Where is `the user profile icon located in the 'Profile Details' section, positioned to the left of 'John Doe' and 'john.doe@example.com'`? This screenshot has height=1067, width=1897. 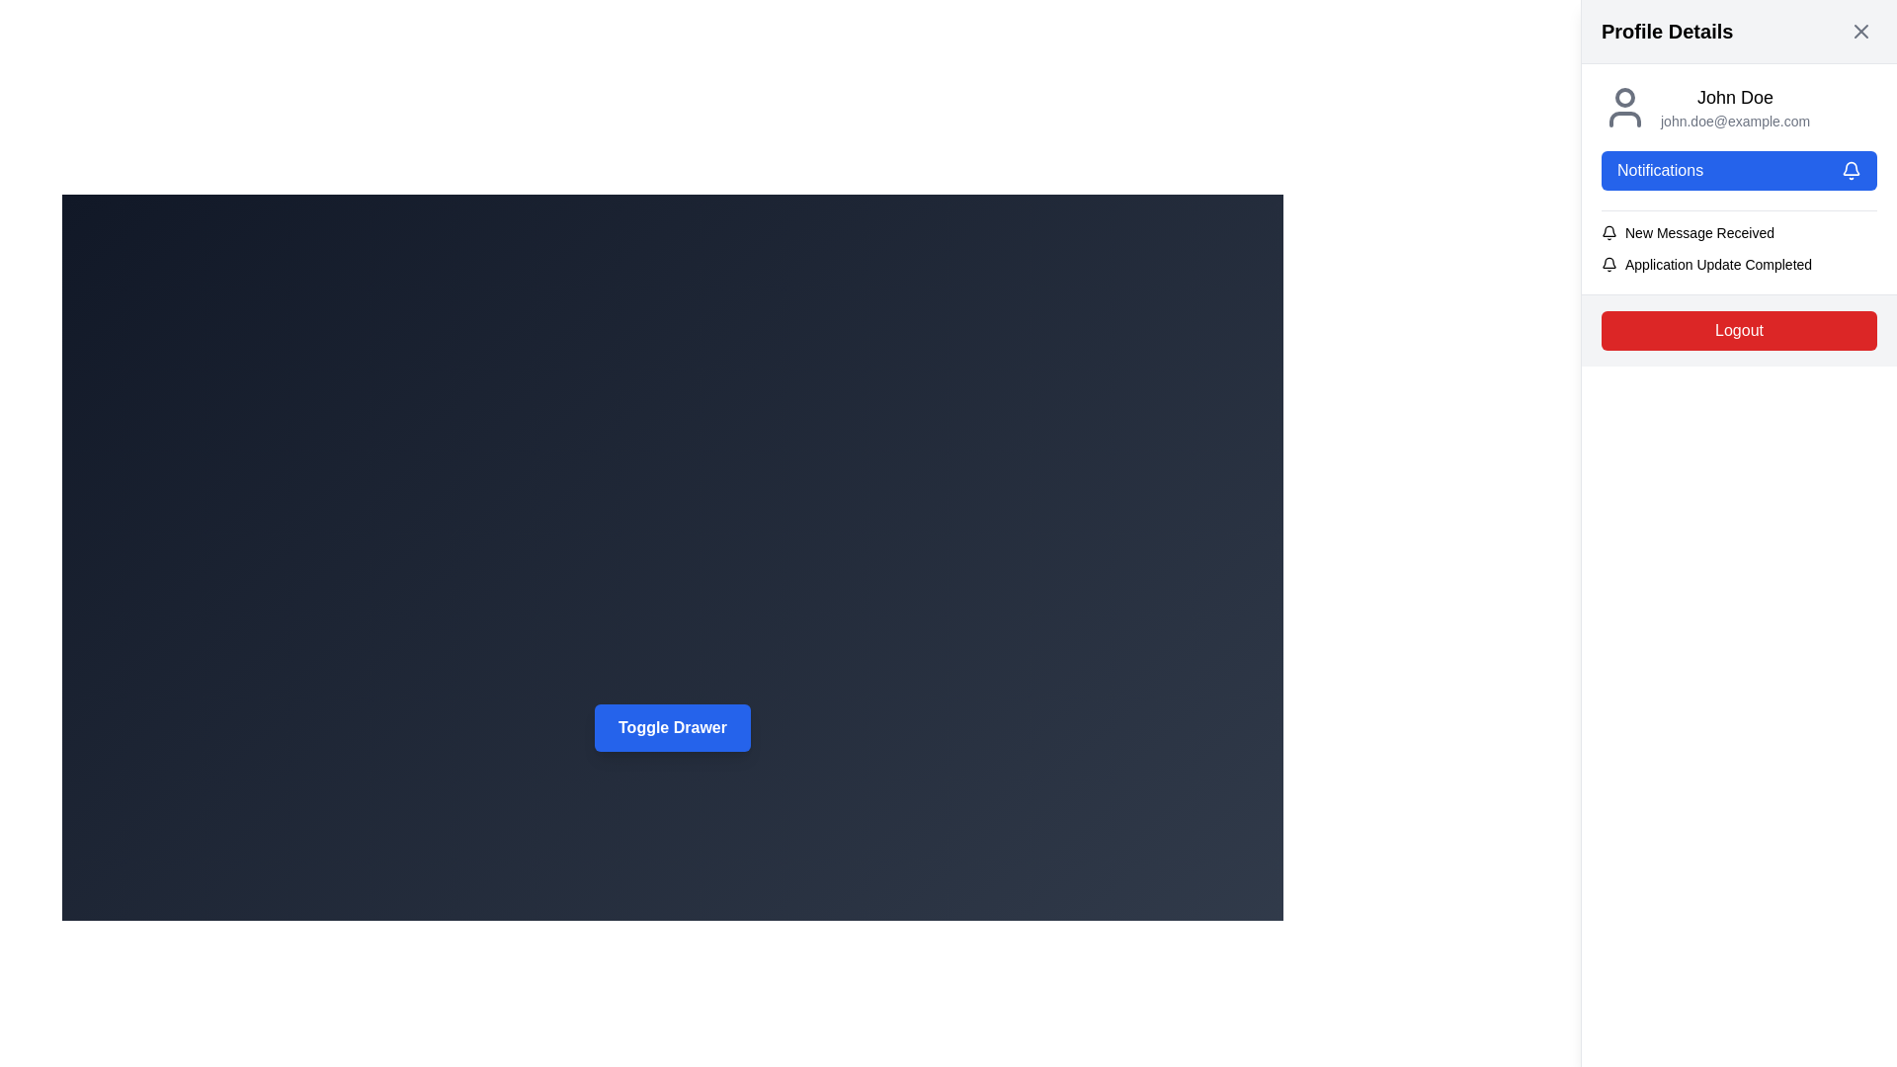 the user profile icon located in the 'Profile Details' section, positioned to the left of 'John Doe' and 'john.doe@example.com' is located at coordinates (1625, 107).